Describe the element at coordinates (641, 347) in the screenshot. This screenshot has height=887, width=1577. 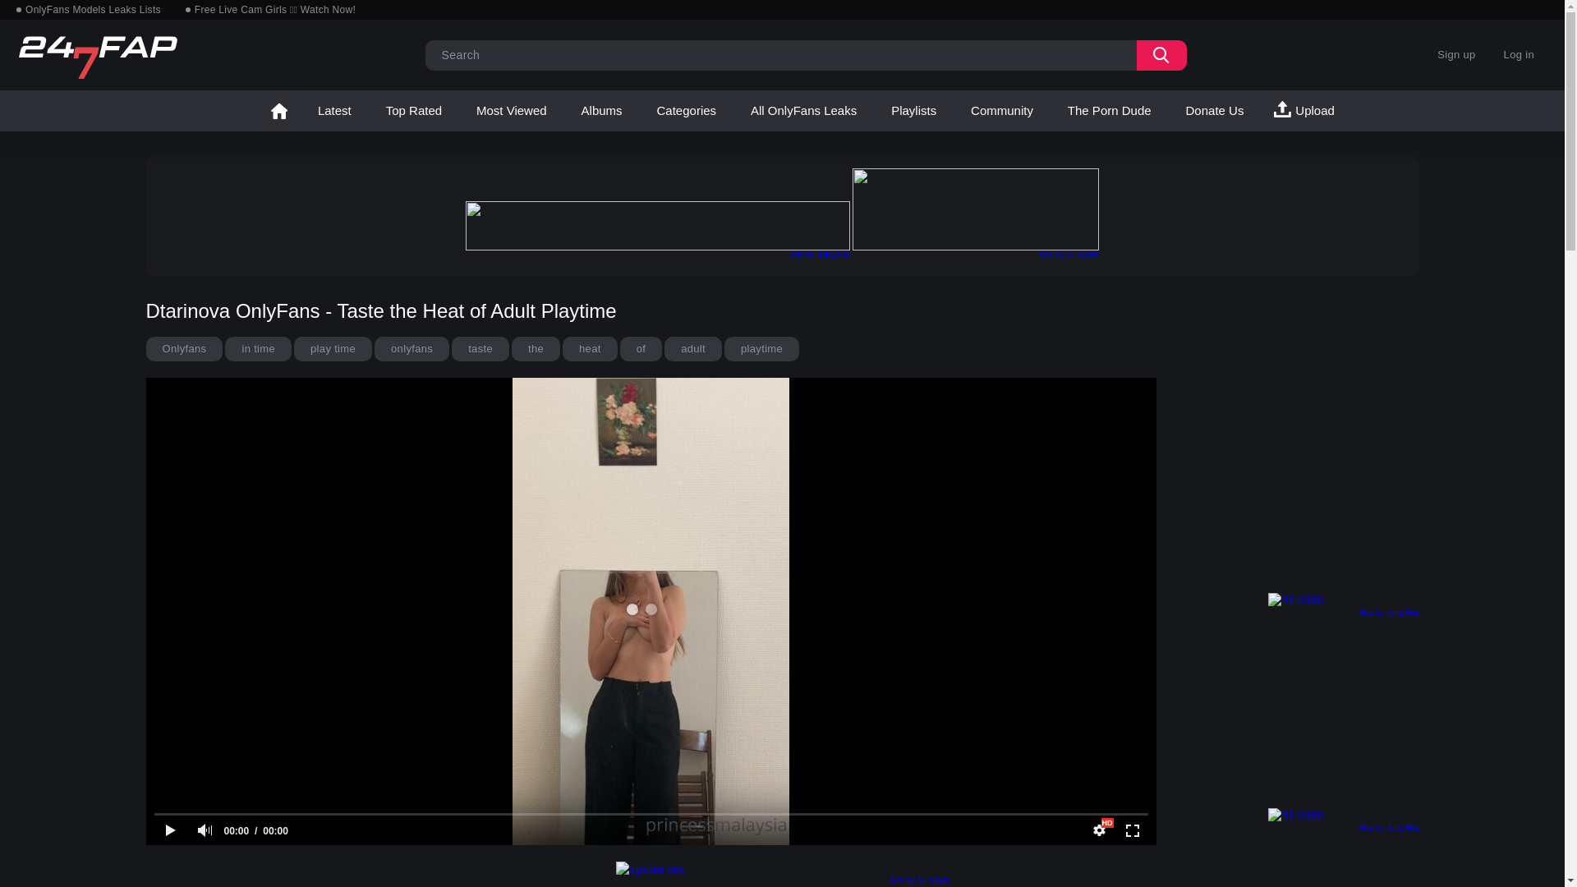
I see `'of'` at that location.